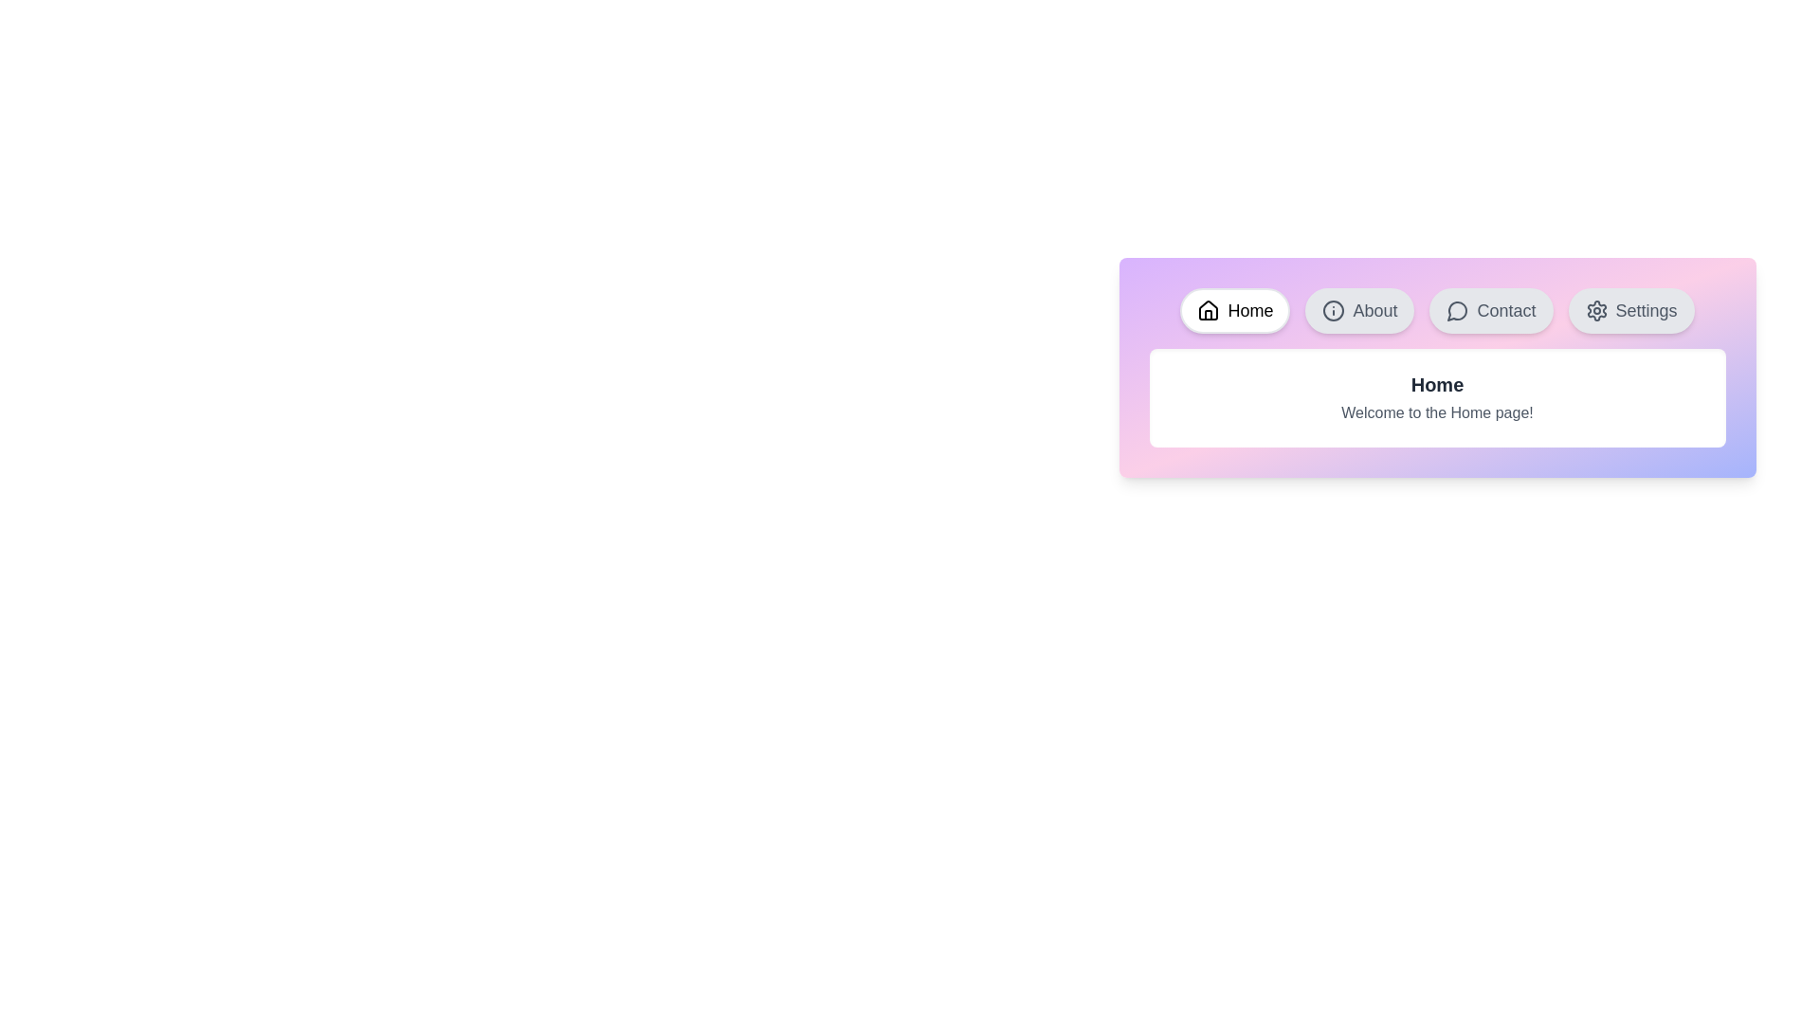  Describe the element at coordinates (1235, 309) in the screenshot. I see `the tab button labeled Home to activate the corresponding tab` at that location.